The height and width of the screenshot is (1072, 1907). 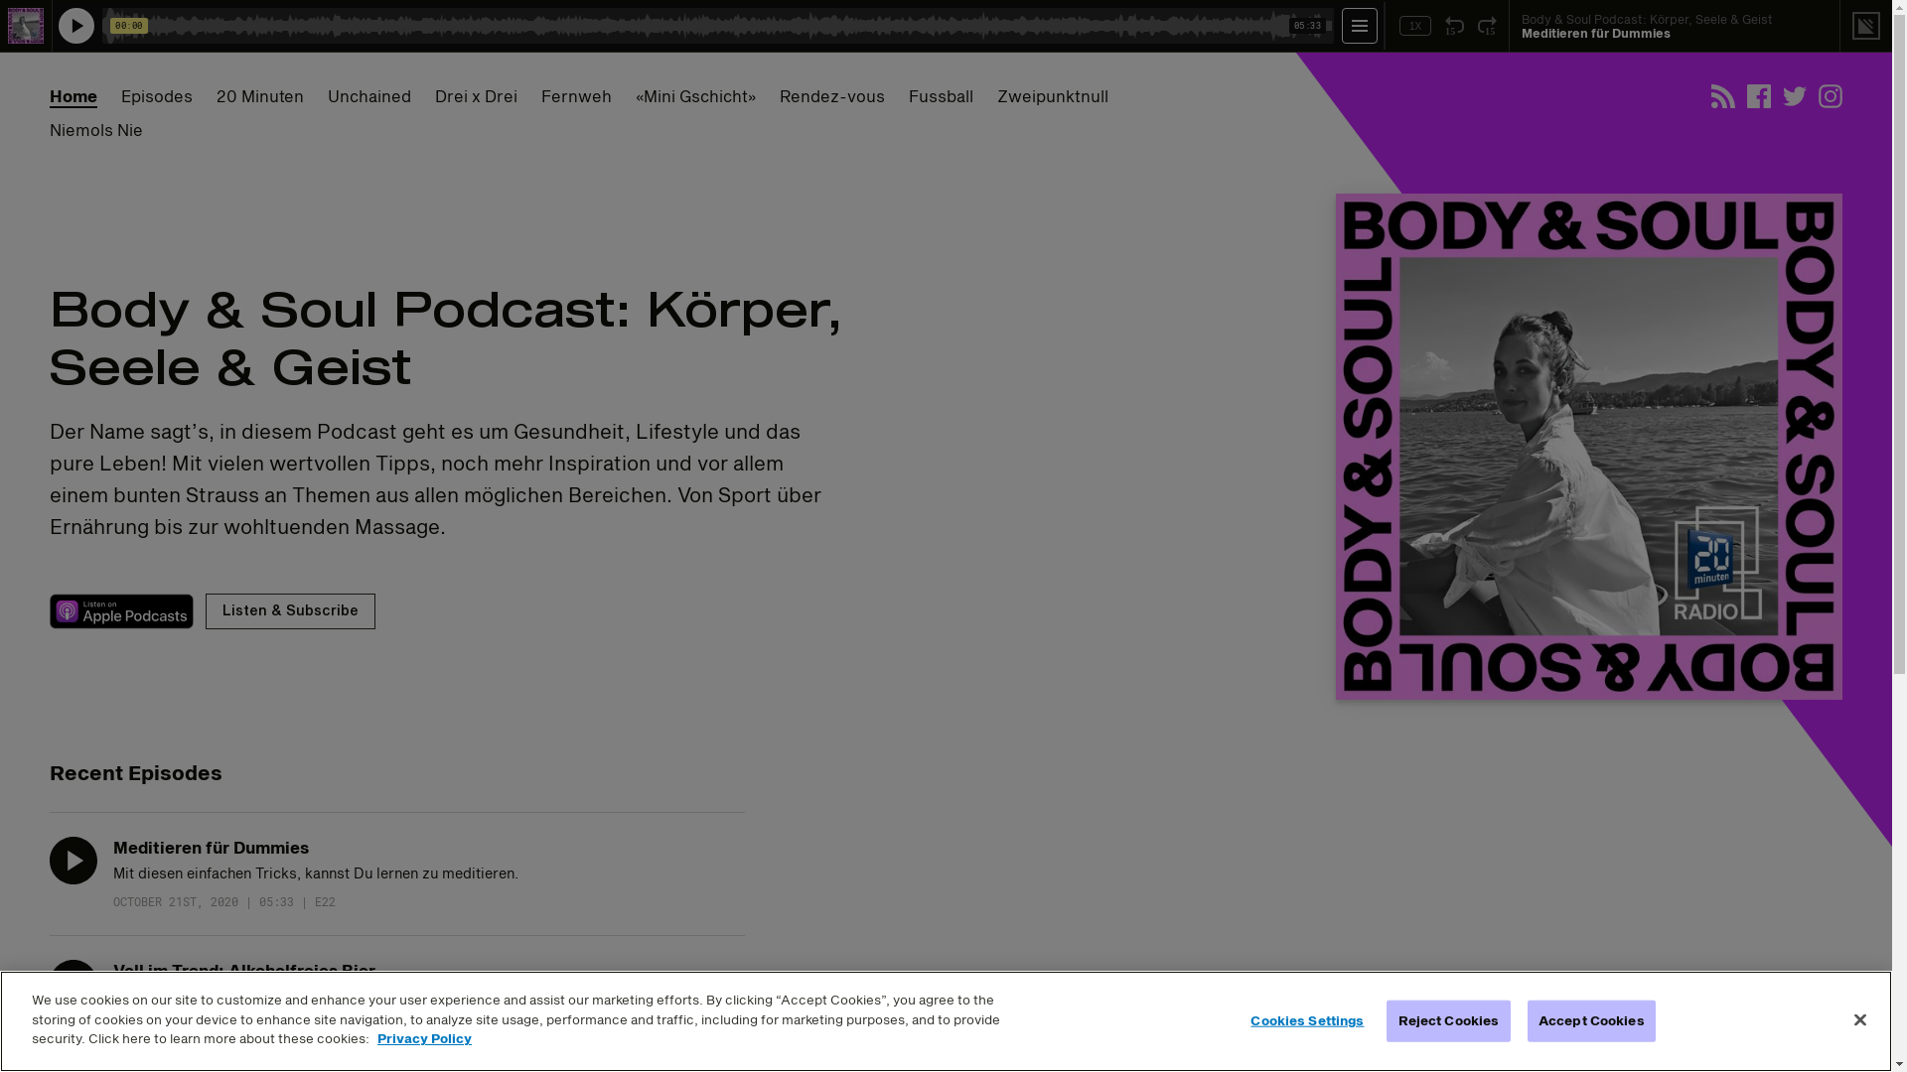 I want to click on '15', so click(x=1487, y=26).